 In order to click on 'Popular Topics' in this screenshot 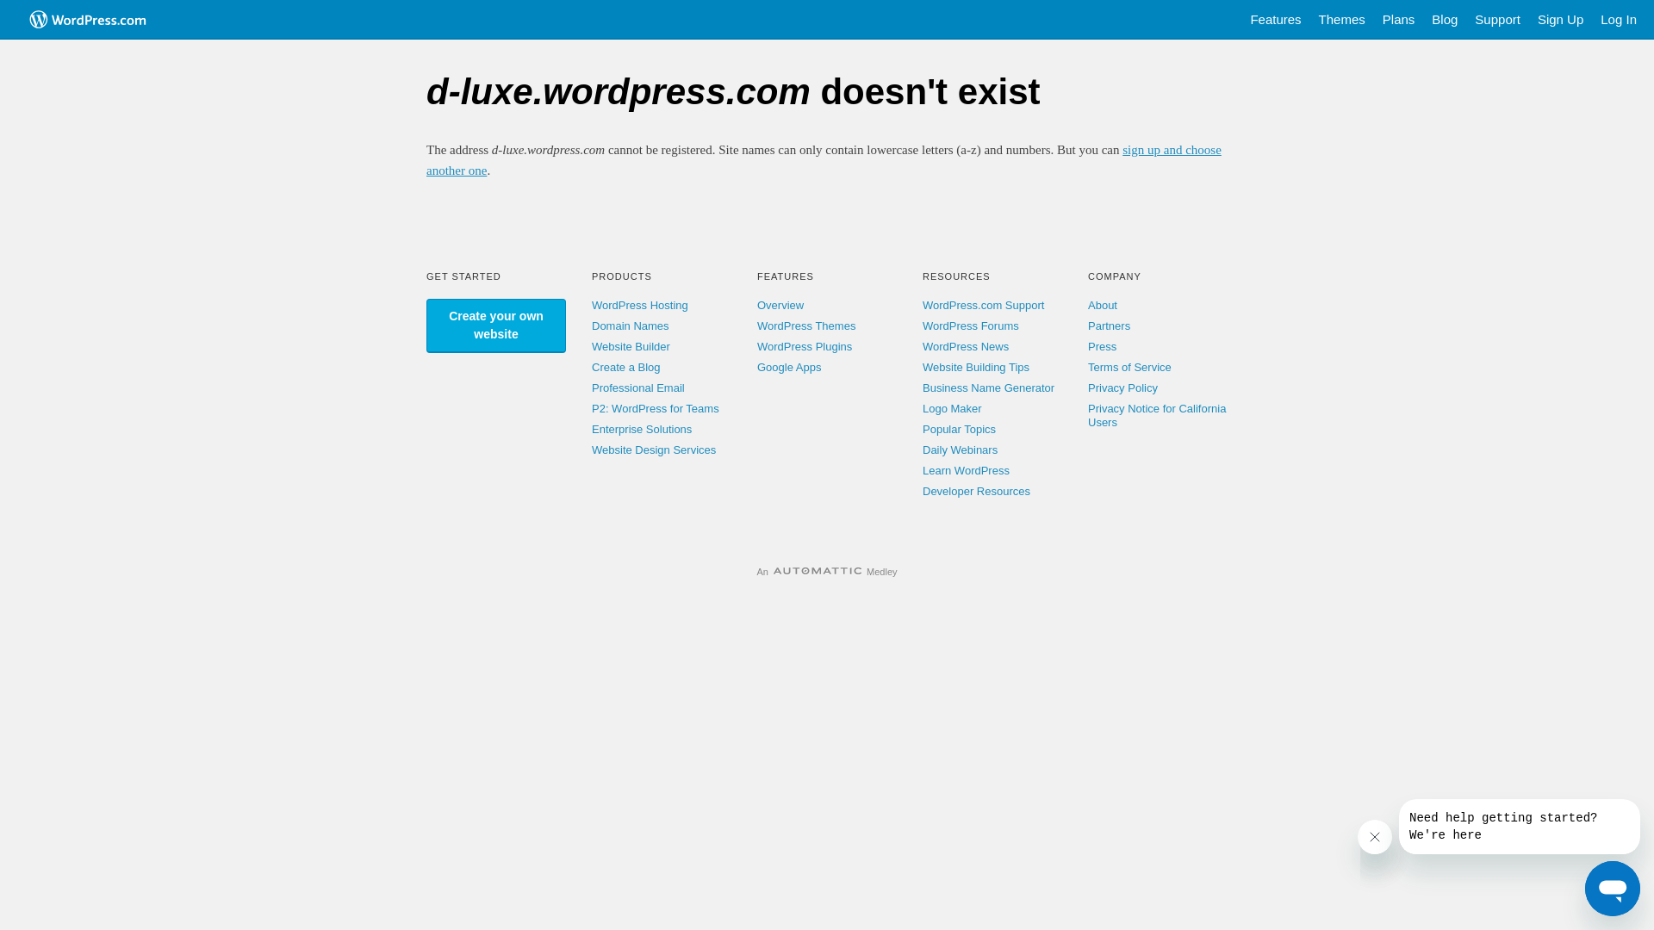, I will do `click(958, 428)`.